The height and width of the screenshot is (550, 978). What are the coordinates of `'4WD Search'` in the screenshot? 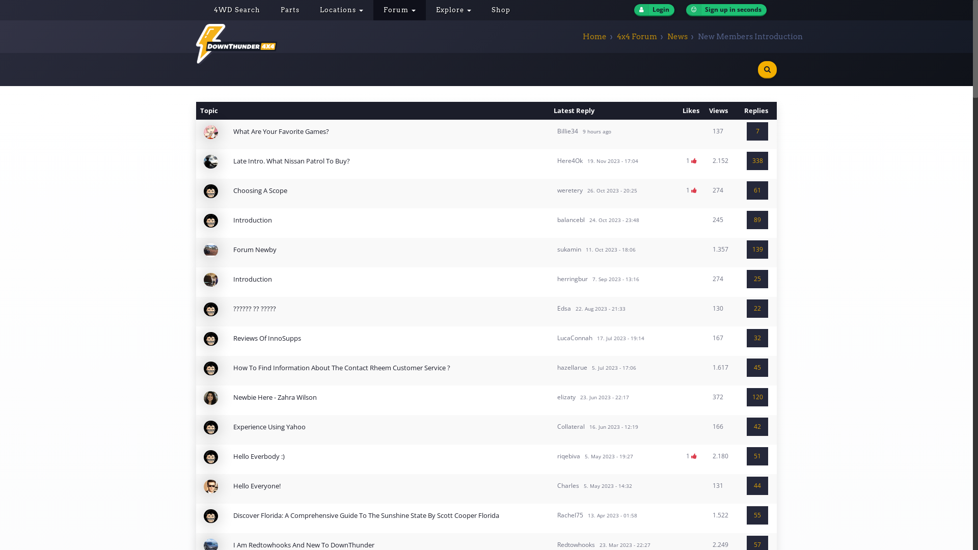 It's located at (203, 10).